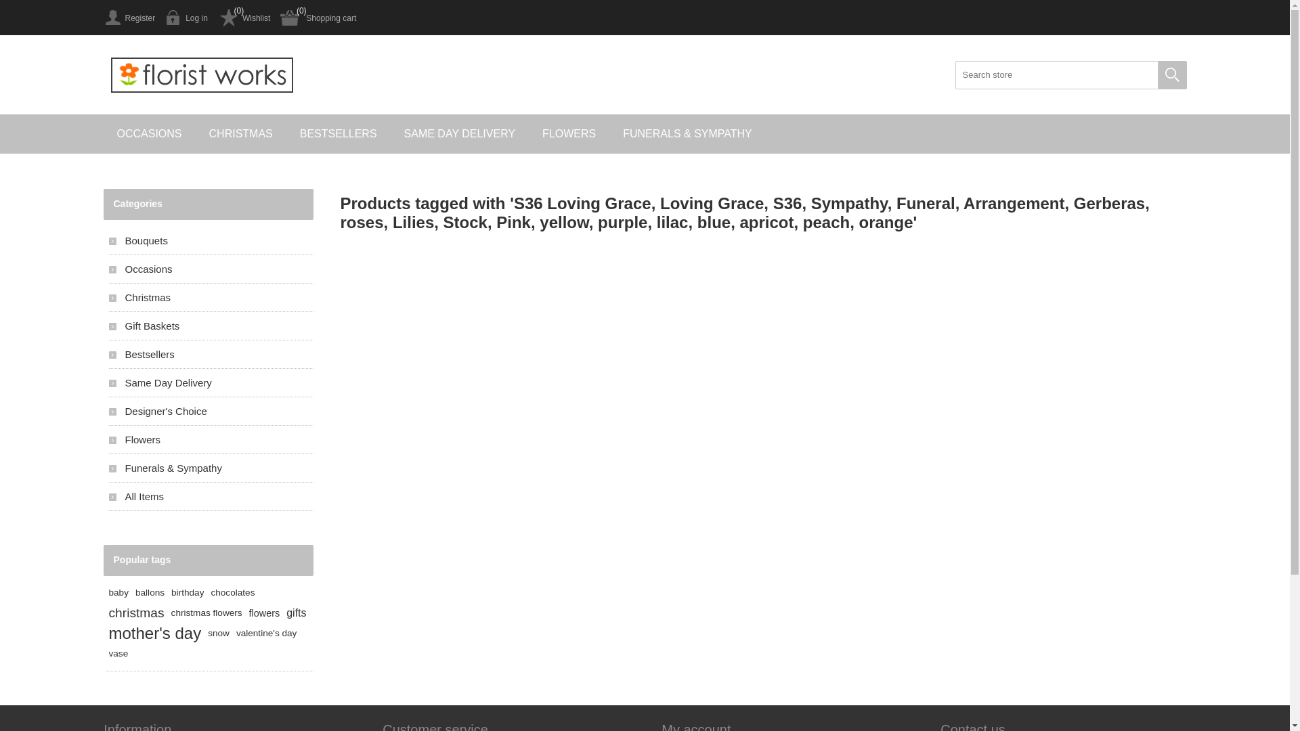 This screenshot has height=731, width=1300. Describe the element at coordinates (218, 634) in the screenshot. I see `'snow'` at that location.